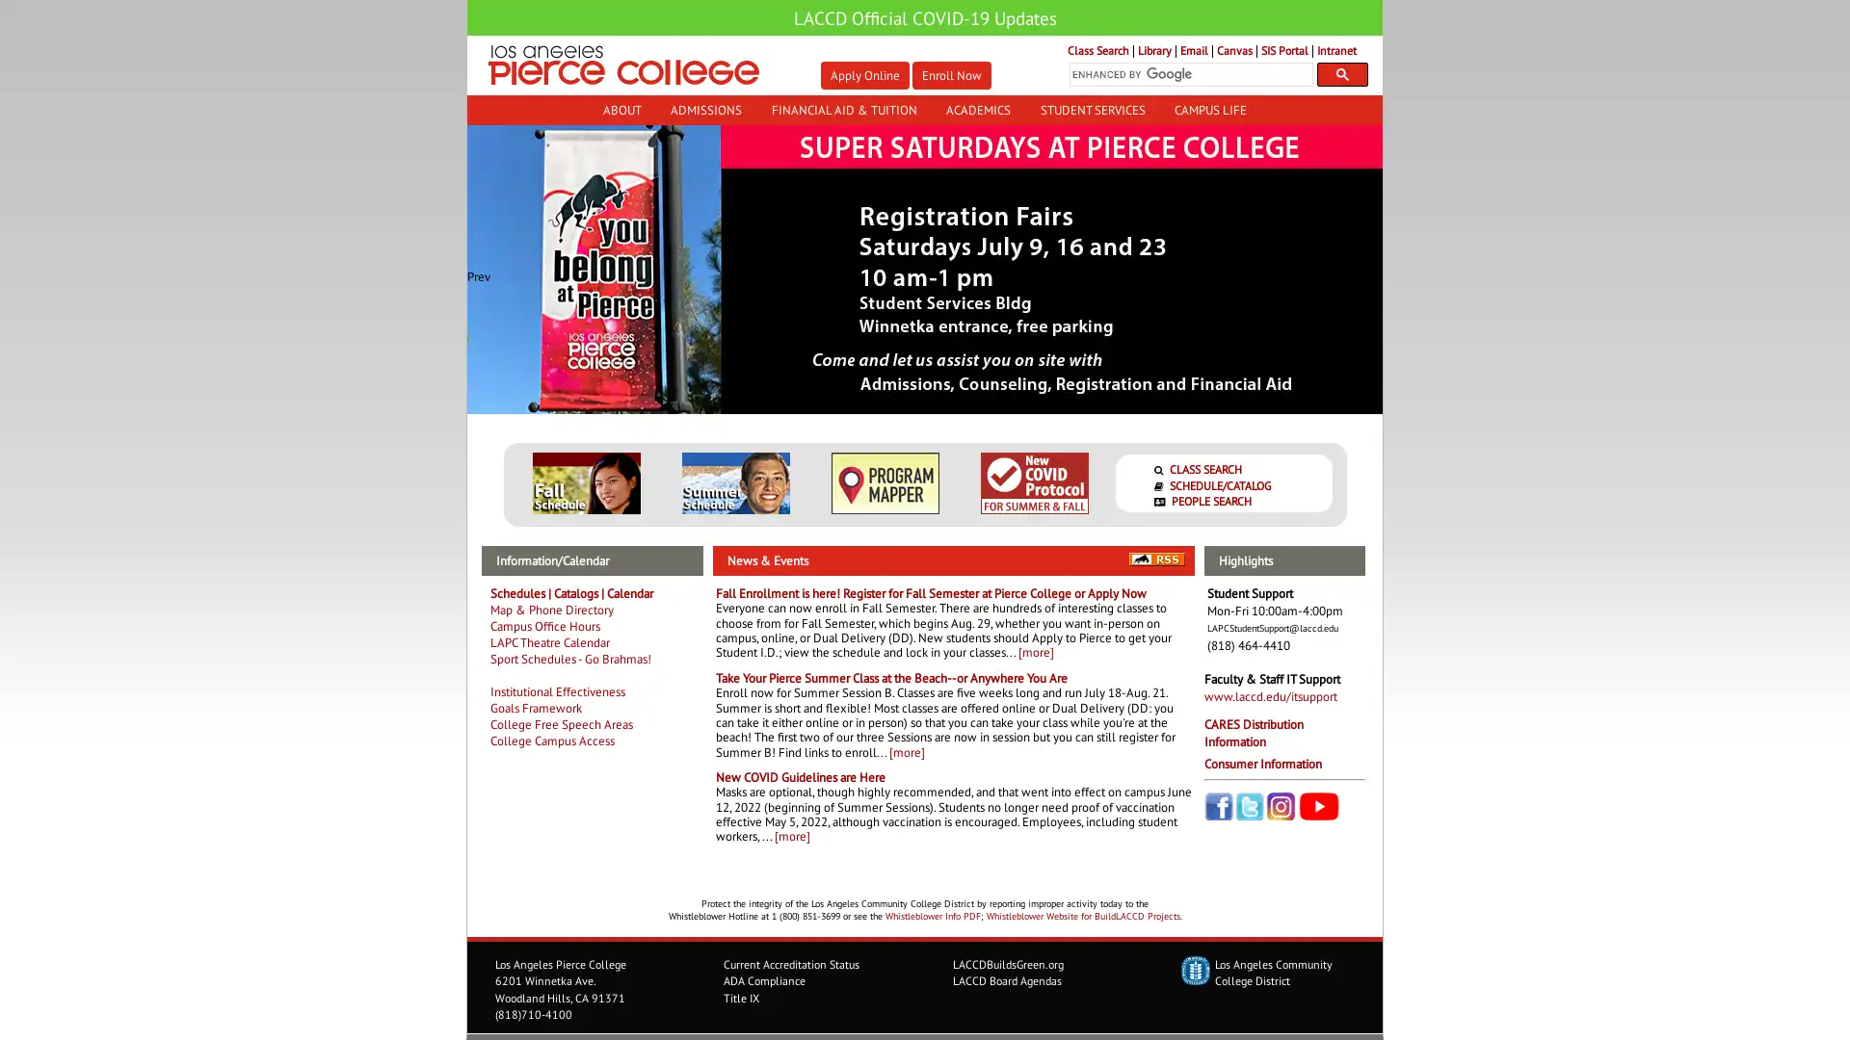 This screenshot has height=1040, width=1850. Describe the element at coordinates (621, 110) in the screenshot. I see `ABOUT` at that location.